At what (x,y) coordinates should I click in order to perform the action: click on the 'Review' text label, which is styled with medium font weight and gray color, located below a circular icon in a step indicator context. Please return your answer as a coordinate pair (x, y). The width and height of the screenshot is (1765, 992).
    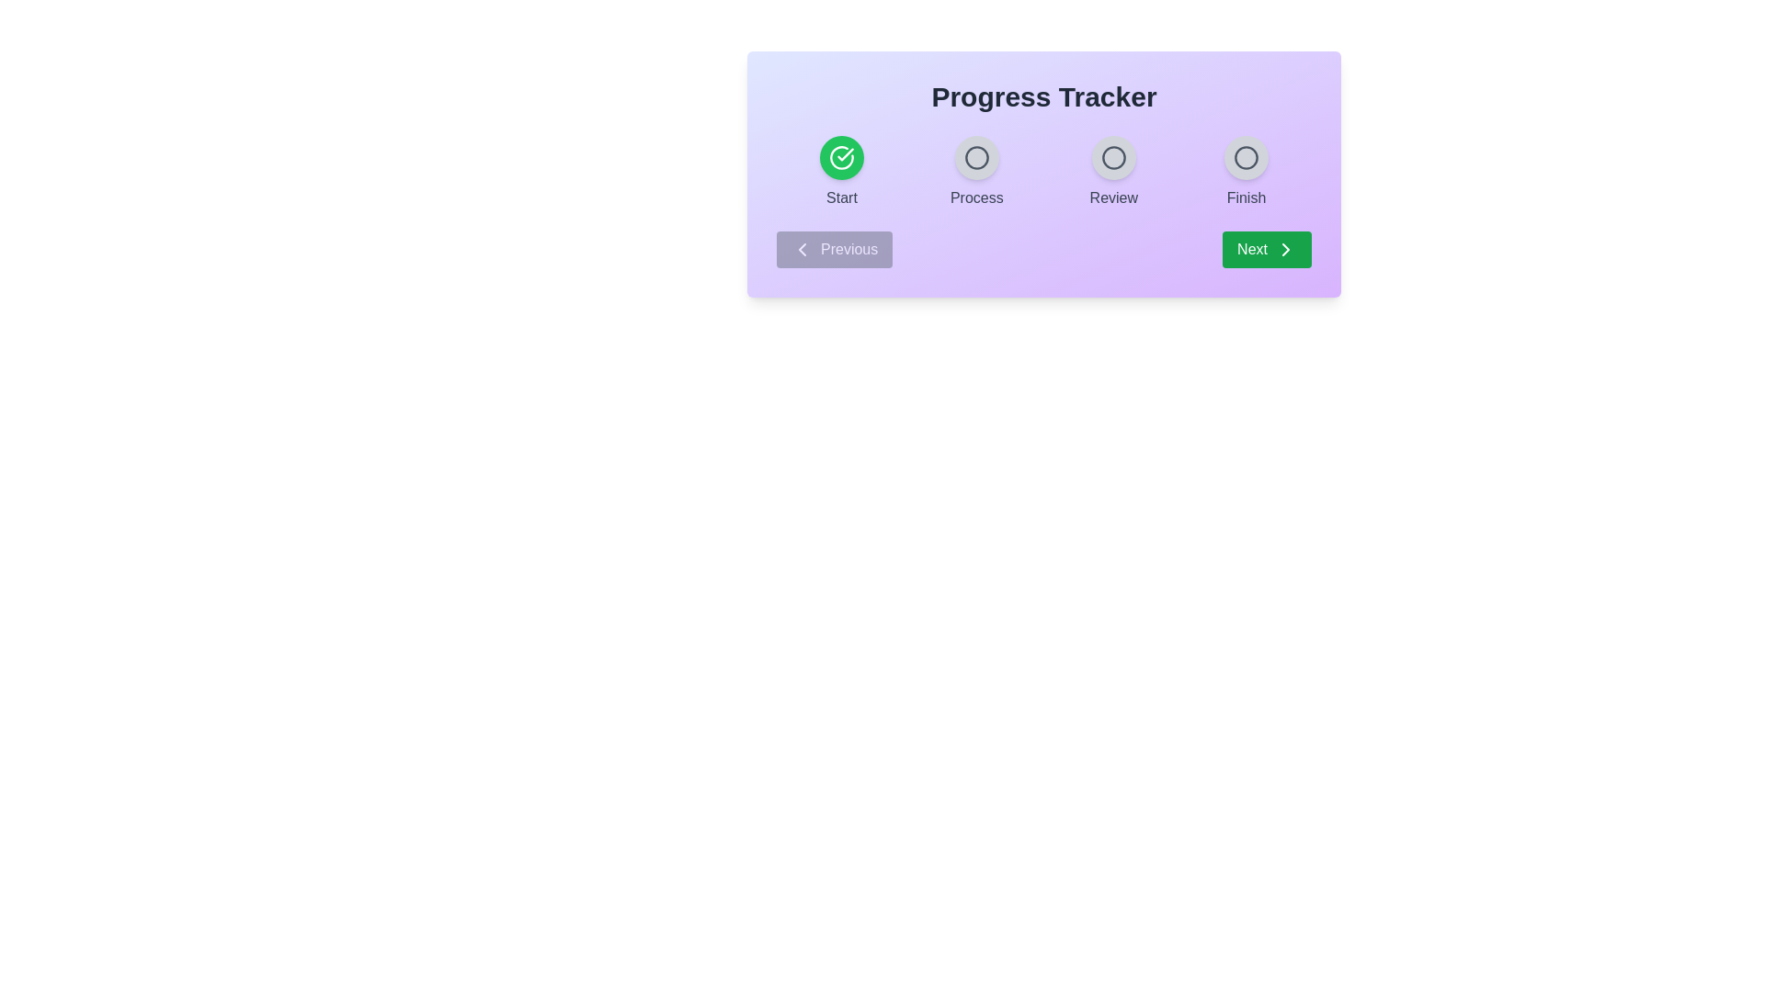
    Looking at the image, I should click on (1112, 198).